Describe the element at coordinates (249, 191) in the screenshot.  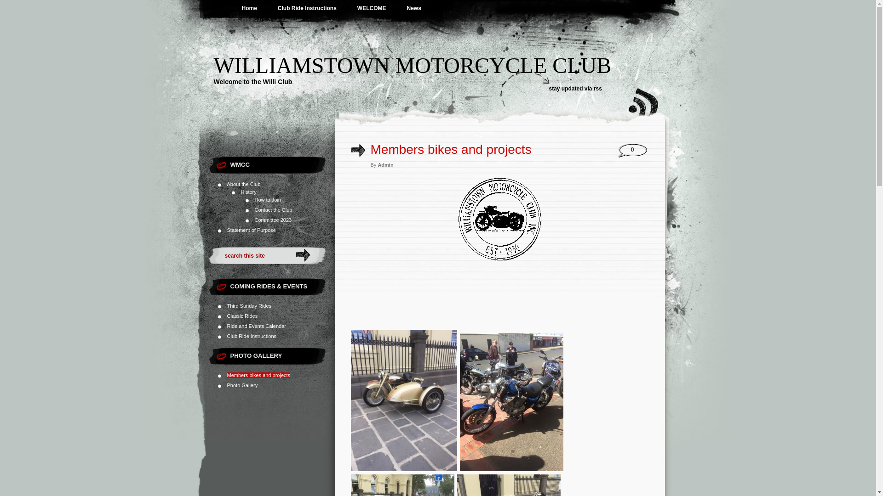
I see `'History'` at that location.